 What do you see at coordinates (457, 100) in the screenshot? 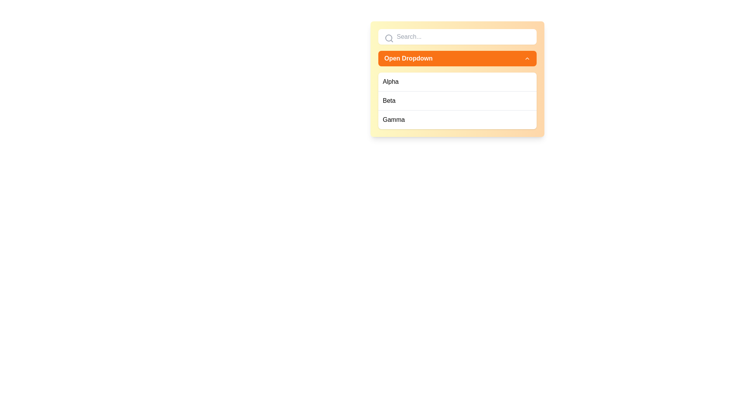
I see `the second item in the dropdown list labeled 'Beta', which is positioned between 'Alpha' and 'Gamma'` at bounding box center [457, 100].